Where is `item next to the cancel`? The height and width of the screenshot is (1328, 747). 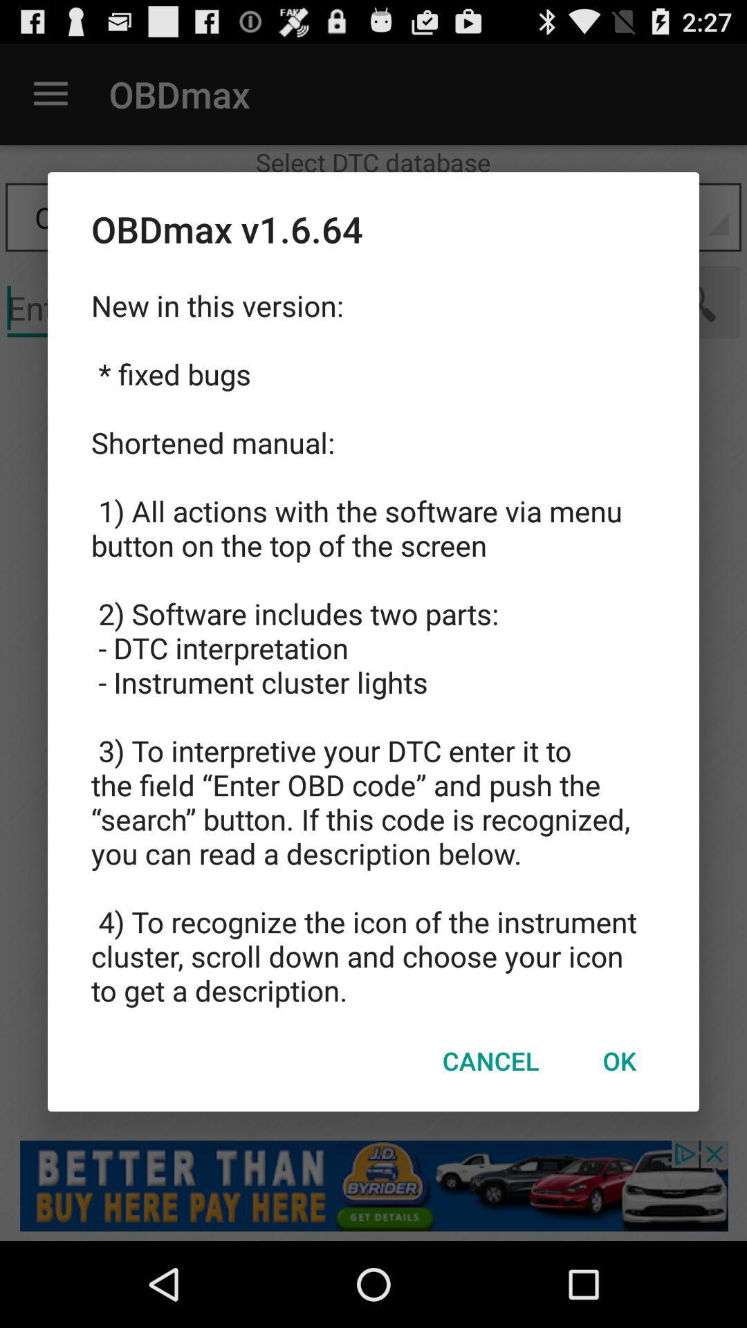 item next to the cancel is located at coordinates (618, 1060).